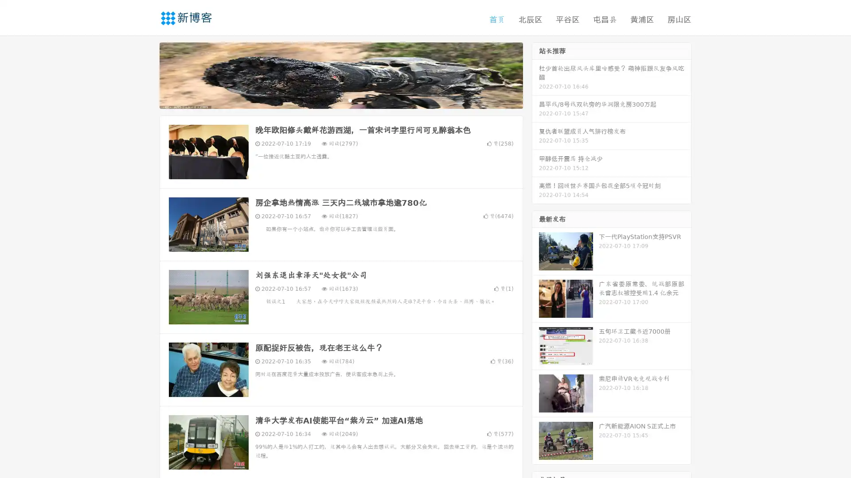 Image resolution: width=851 pixels, height=478 pixels. Describe the element at coordinates (332, 100) in the screenshot. I see `Go to slide 1` at that location.